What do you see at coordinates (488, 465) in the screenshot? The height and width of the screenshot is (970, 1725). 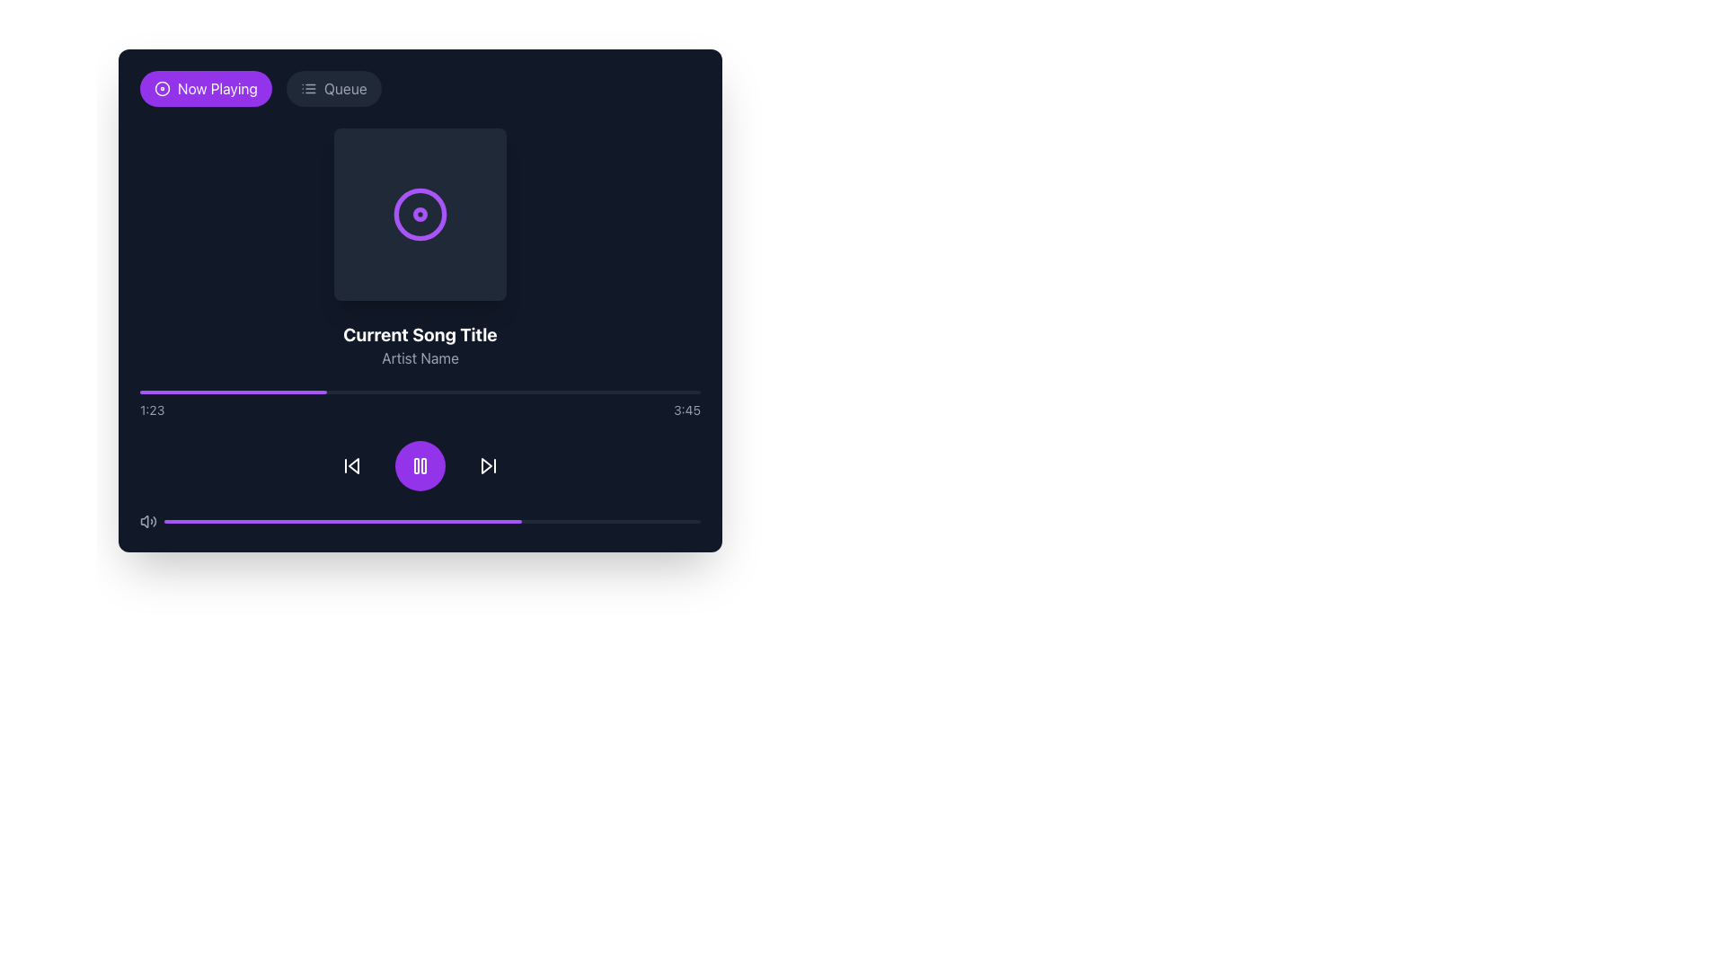 I see `the skip-forward button icon, which features a triangular play symbol and is located to the right of the play button in the control bar area, to skip to the next track` at bounding box center [488, 465].